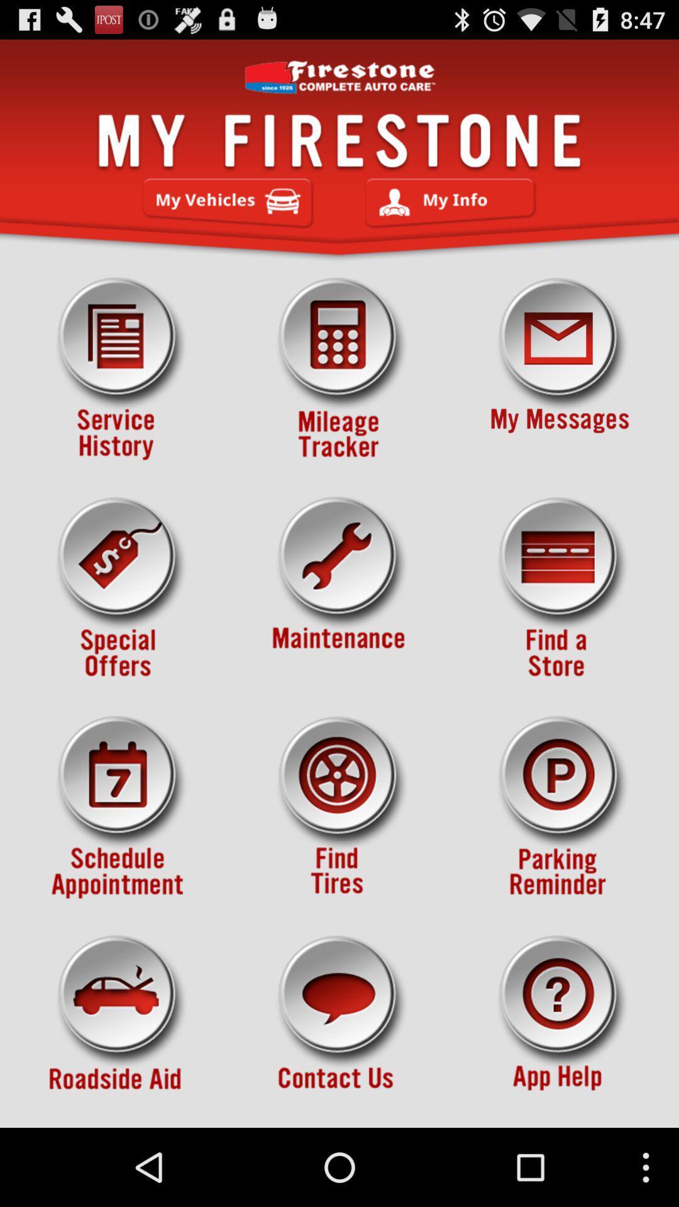 The width and height of the screenshot is (679, 1207). What do you see at coordinates (339, 807) in the screenshot?
I see `find tires option` at bounding box center [339, 807].